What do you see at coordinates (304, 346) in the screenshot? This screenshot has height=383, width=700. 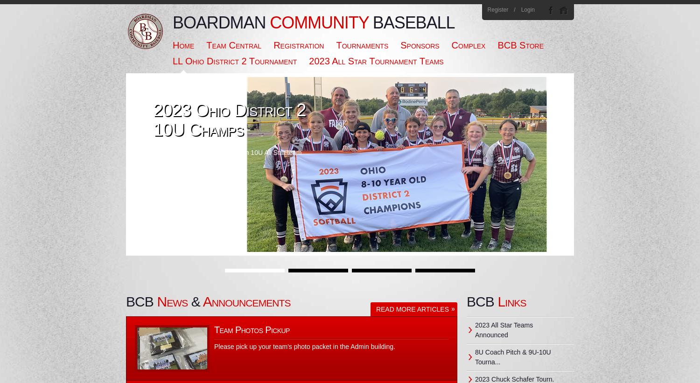 I see `'Please pick up your team's photo packet in the Admin building.'` at bounding box center [304, 346].